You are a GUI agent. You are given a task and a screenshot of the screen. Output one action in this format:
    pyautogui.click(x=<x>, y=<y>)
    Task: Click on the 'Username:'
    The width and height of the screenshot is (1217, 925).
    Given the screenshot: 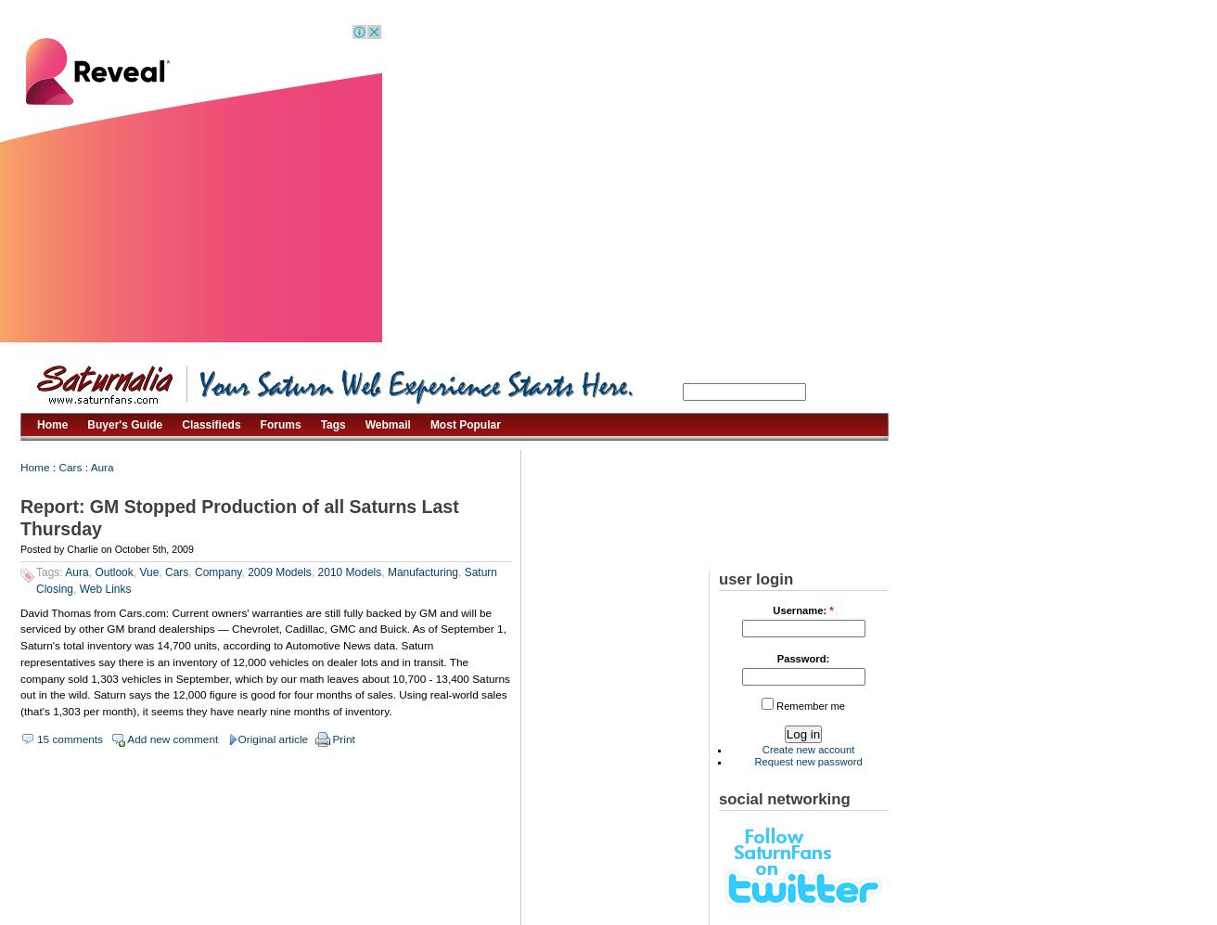 What is the action you would take?
    pyautogui.click(x=771, y=610)
    